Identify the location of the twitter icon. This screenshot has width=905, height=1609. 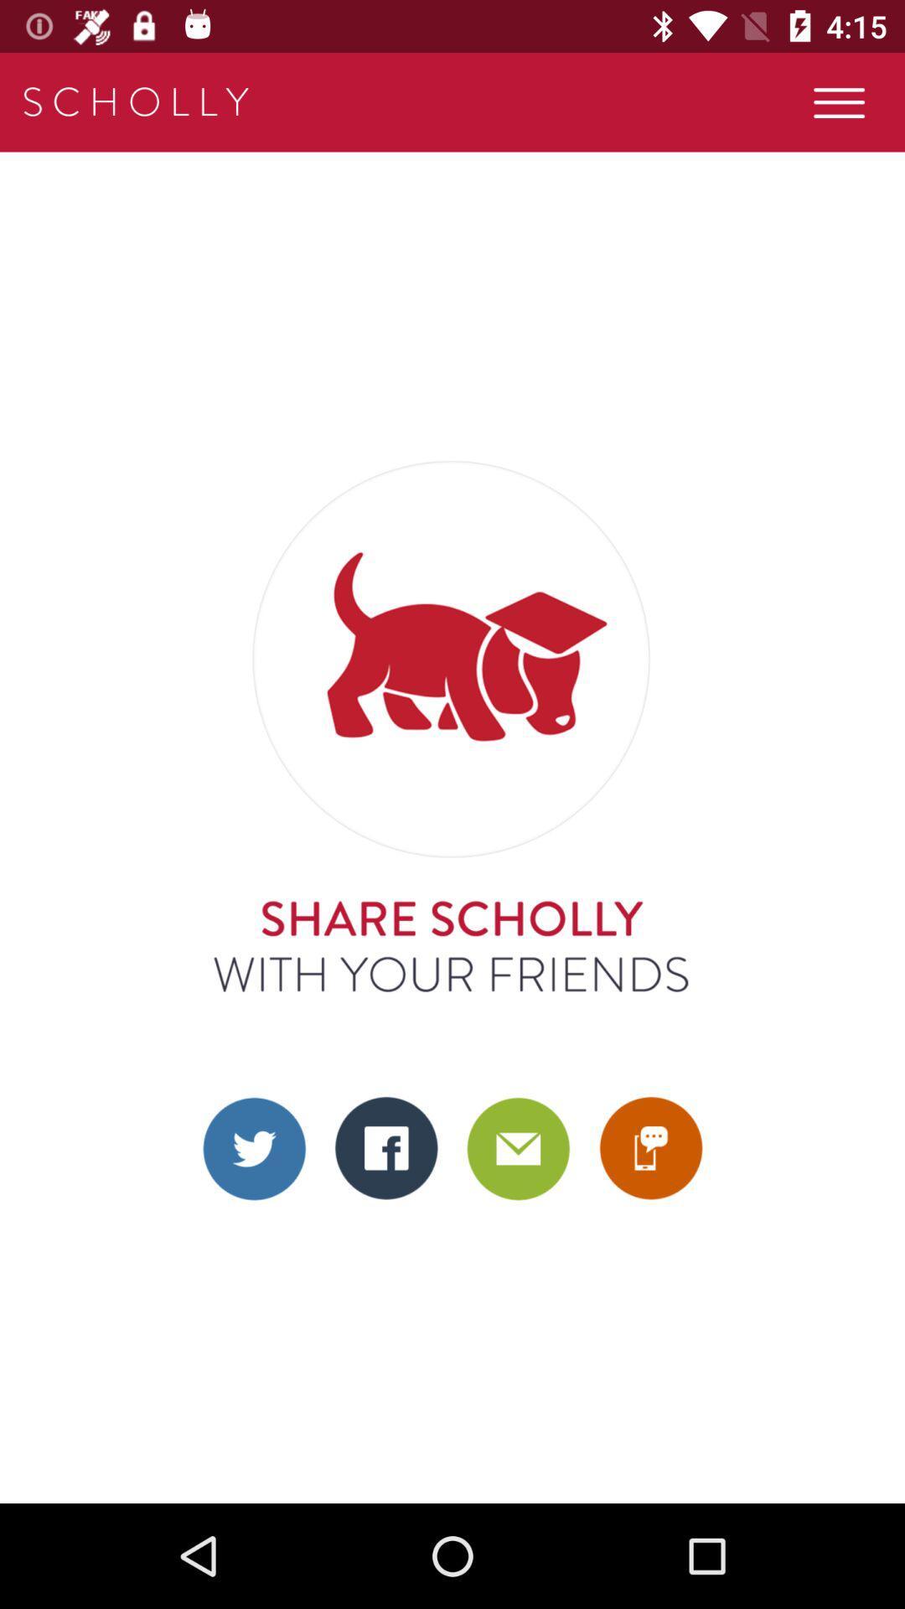
(254, 1147).